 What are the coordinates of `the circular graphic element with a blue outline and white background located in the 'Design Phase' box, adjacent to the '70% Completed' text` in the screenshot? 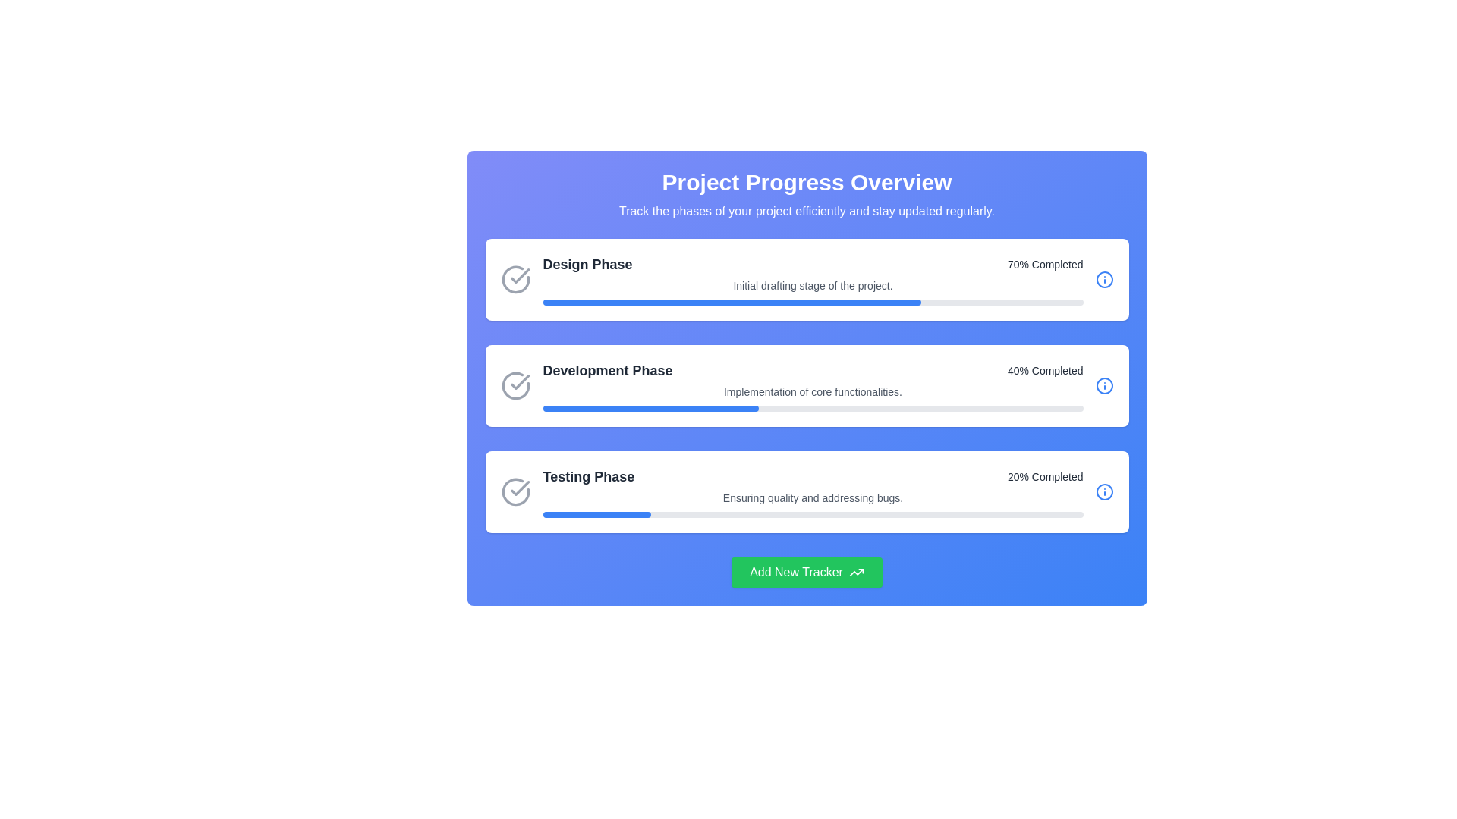 It's located at (1104, 280).